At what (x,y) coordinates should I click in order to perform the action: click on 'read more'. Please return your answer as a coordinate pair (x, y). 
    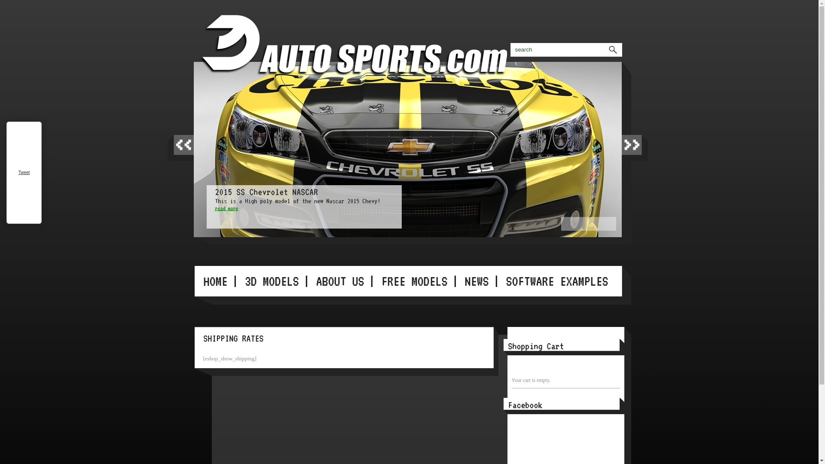
    Looking at the image, I should click on (226, 208).